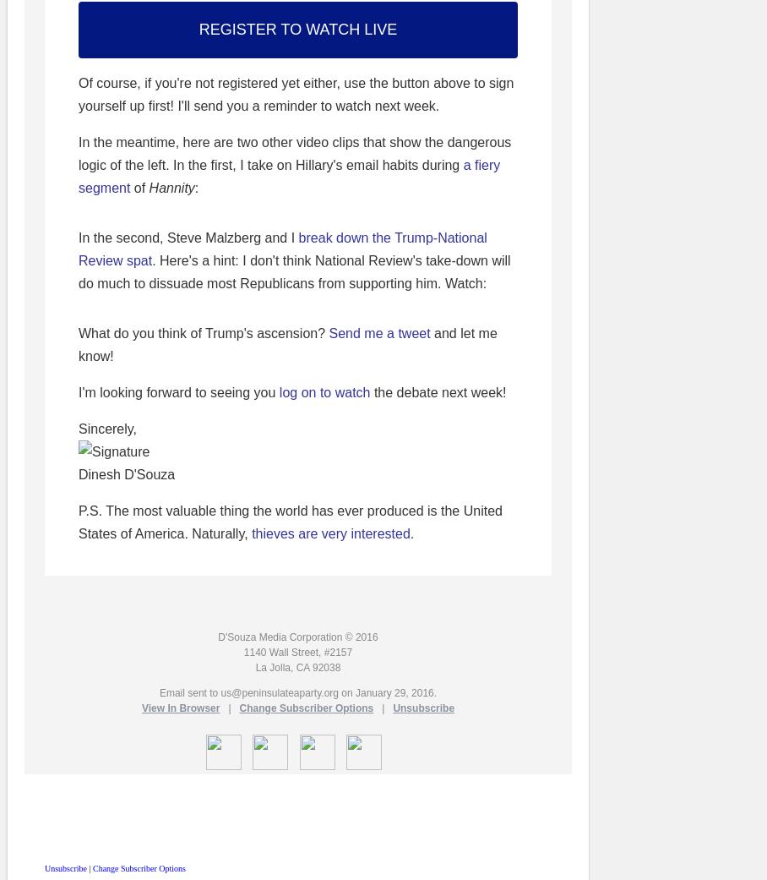 The width and height of the screenshot is (767, 880). I want to click on 'thieves are very interested', so click(252, 533).